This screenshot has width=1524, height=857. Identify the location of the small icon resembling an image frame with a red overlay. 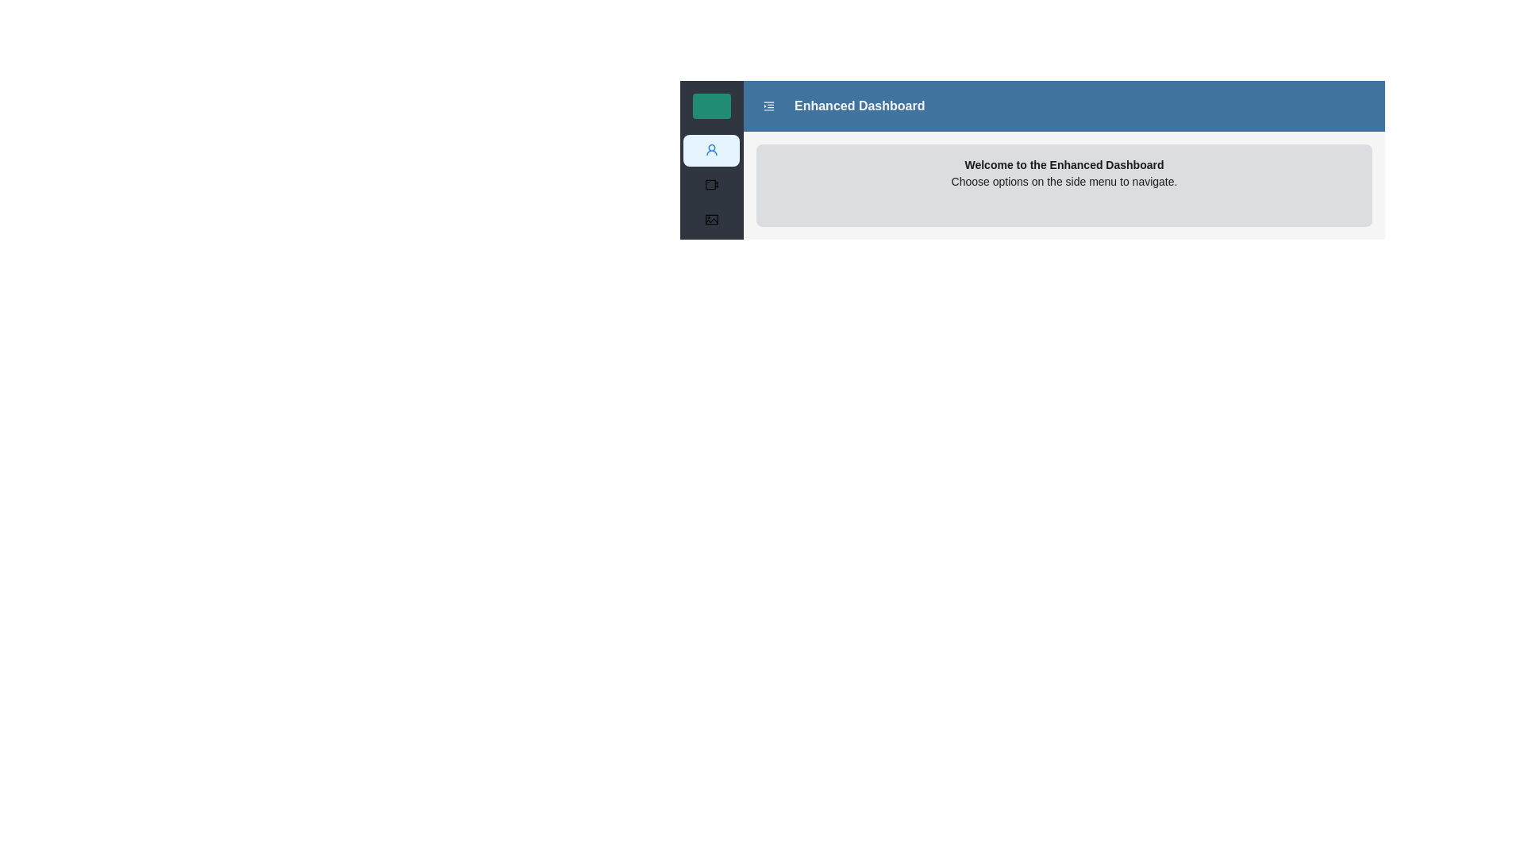
(710, 220).